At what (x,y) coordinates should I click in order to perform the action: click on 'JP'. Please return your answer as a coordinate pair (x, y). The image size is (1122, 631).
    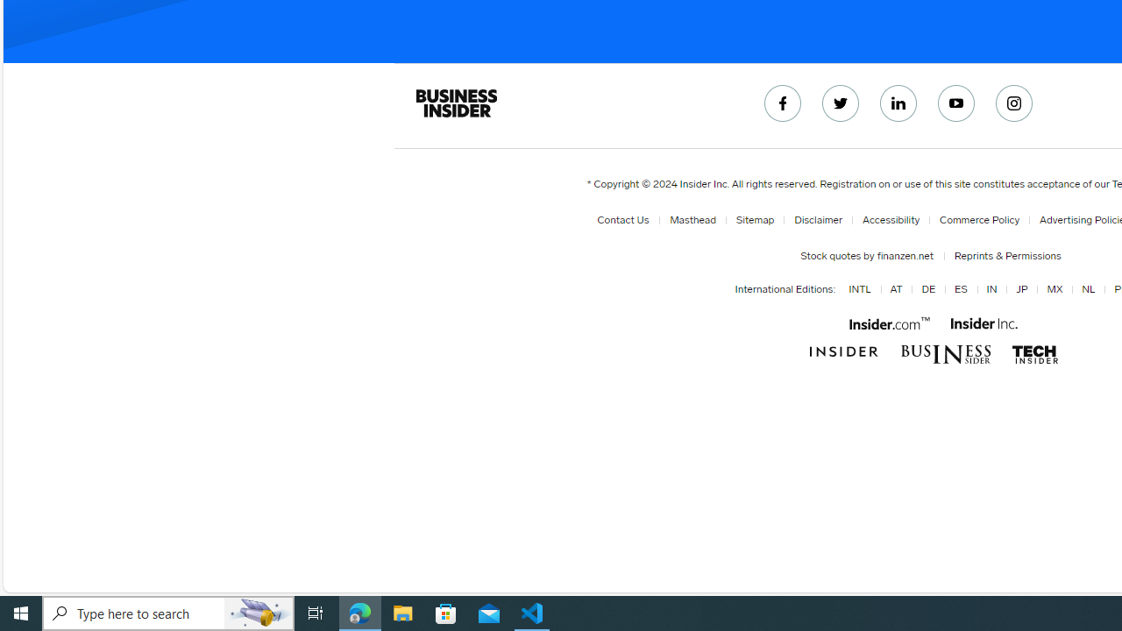
    Looking at the image, I should click on (1021, 289).